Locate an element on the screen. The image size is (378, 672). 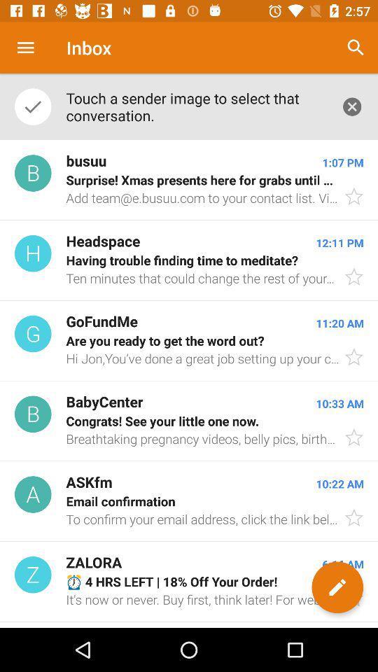
the icon below touch a sender is located at coordinates (189, 179).